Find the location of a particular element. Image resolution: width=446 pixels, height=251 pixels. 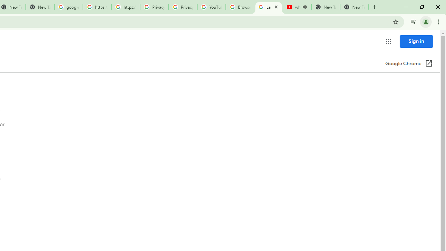

'https://scholar.google.com/' is located at coordinates (97, 7).